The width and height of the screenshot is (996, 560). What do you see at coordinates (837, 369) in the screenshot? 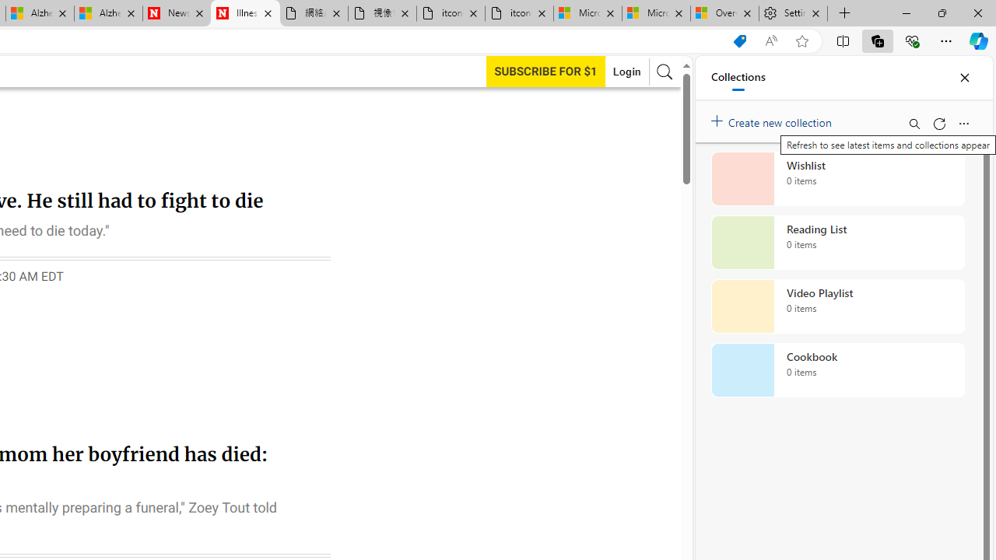
I see `'Cookbook collection, 0 items'` at bounding box center [837, 369].